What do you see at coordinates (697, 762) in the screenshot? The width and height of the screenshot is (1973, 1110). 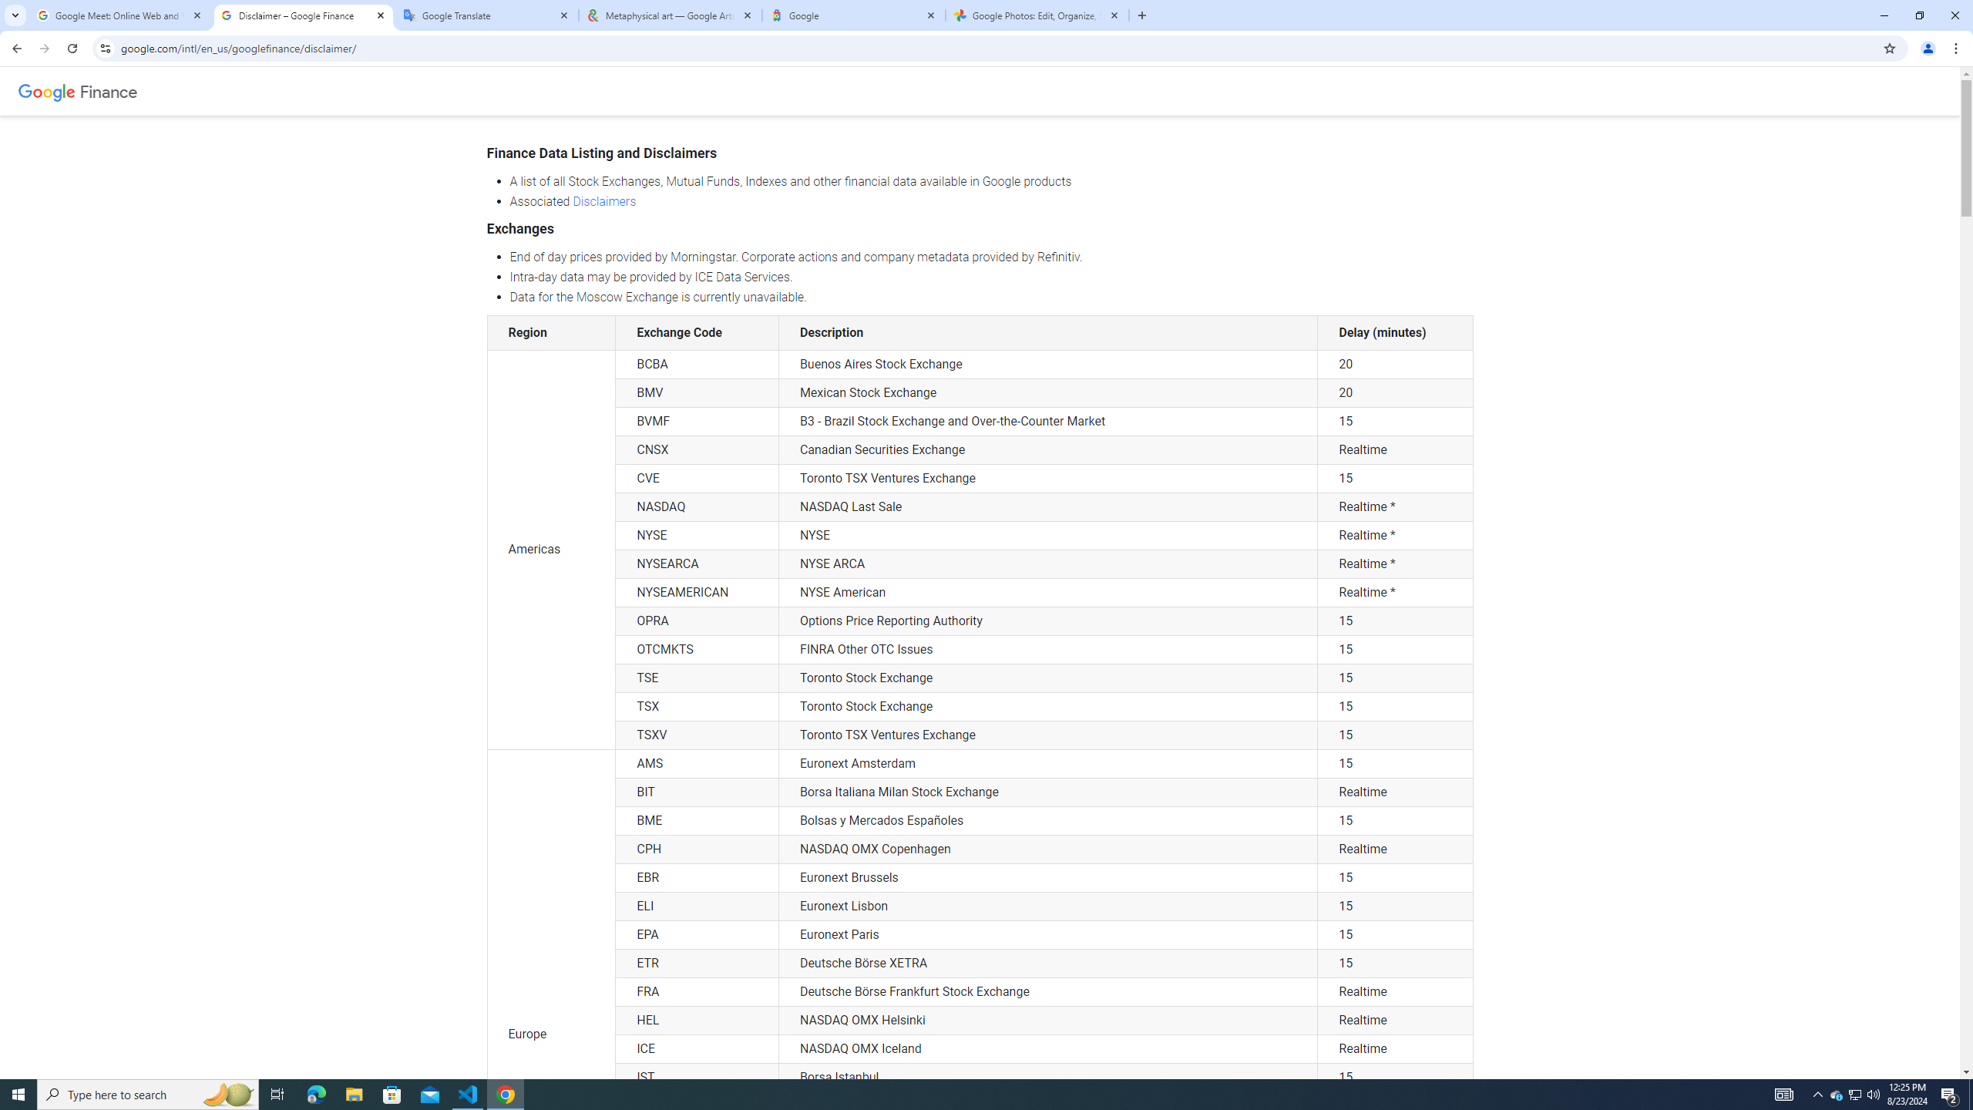 I see `'AMS'` at bounding box center [697, 762].